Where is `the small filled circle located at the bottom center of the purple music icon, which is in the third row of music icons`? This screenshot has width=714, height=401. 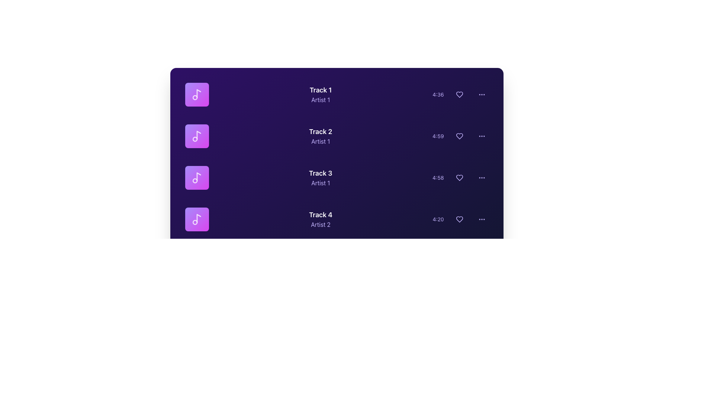 the small filled circle located at the bottom center of the purple music icon, which is in the third row of music icons is located at coordinates (195, 180).